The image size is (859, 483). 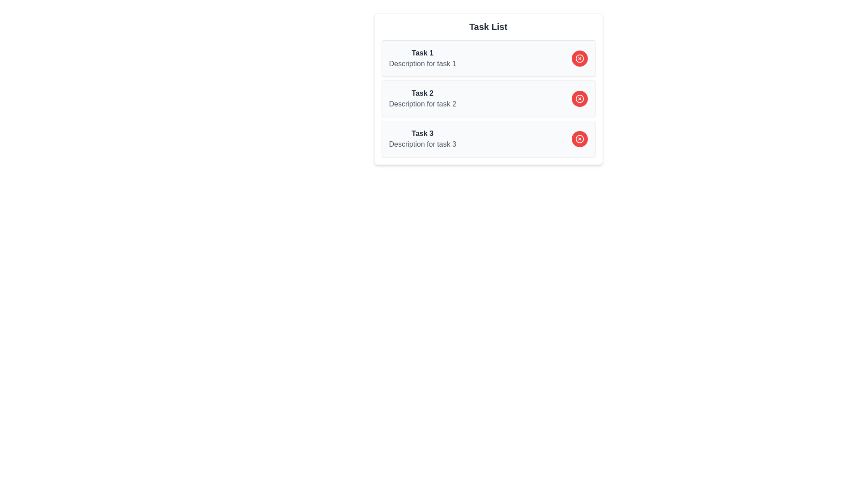 What do you see at coordinates (422, 139) in the screenshot?
I see `the third item in the task list display, which shows the title and description of a task` at bounding box center [422, 139].